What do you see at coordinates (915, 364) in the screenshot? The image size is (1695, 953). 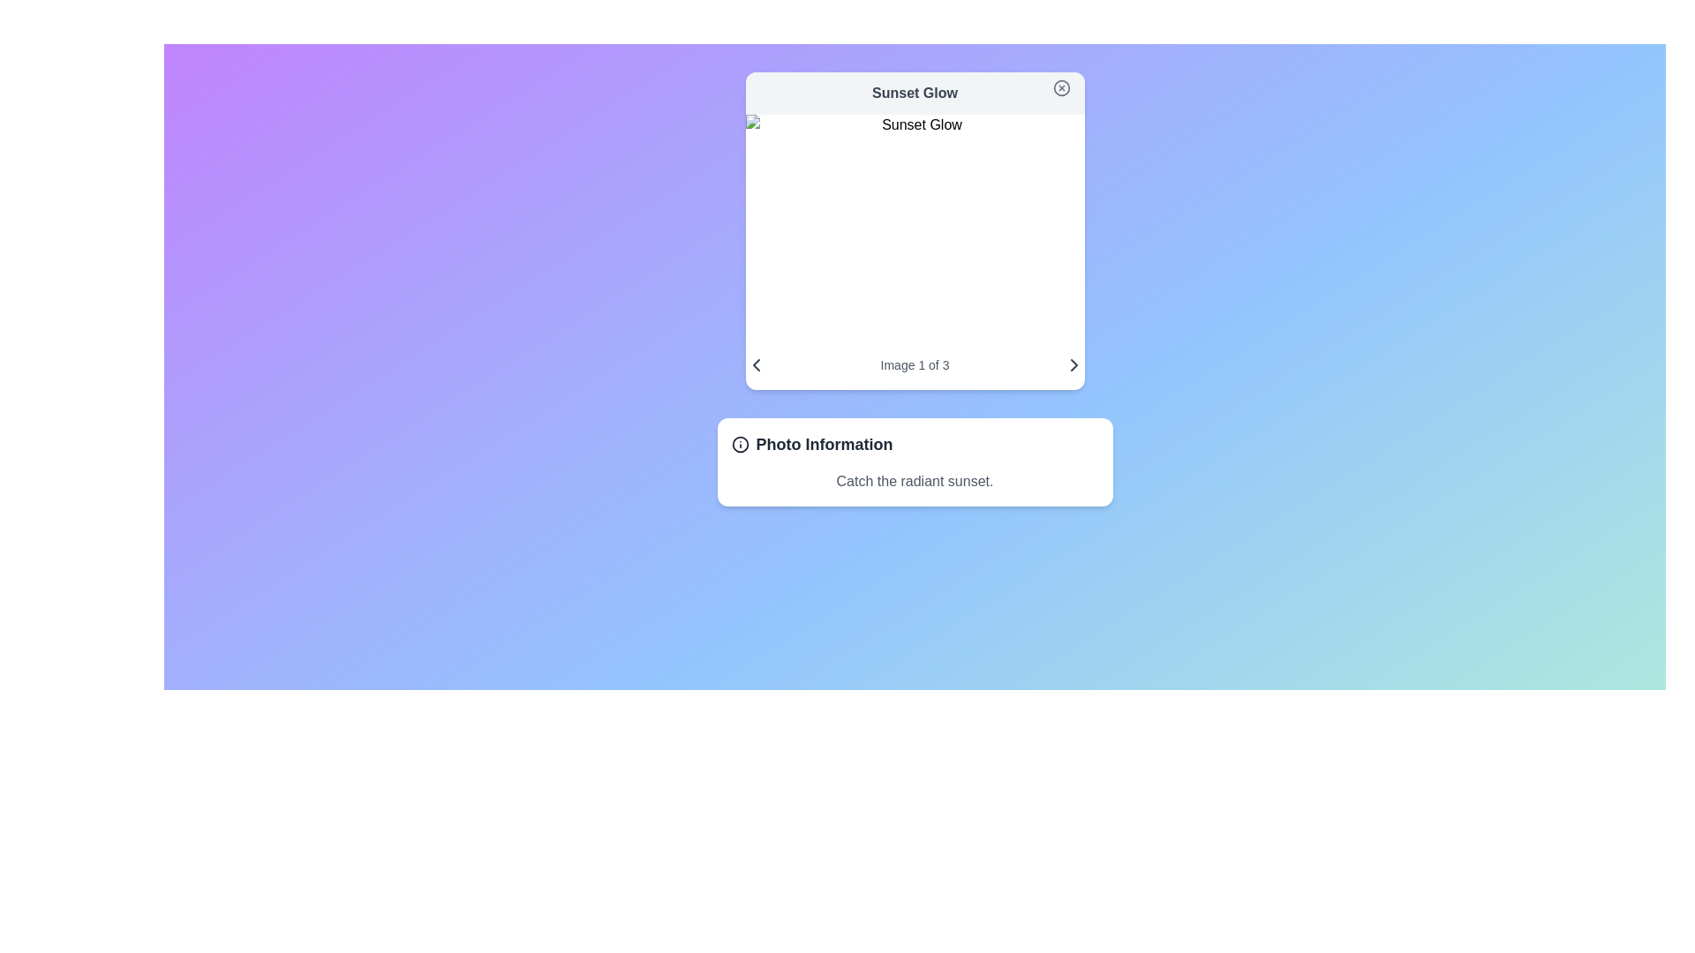 I see `the informational text label indicating the current image displayed out of a total number in a sequence or gallery, which is positioned centrally between the left and right arrow buttons at the bottom of the card` at bounding box center [915, 364].